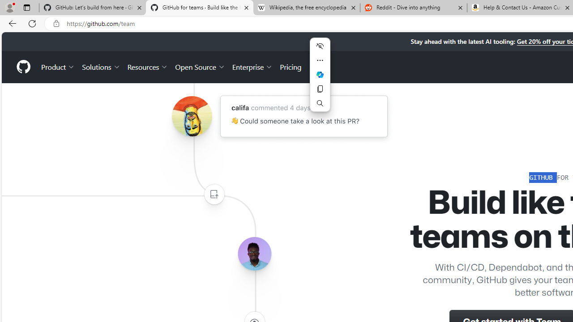 The height and width of the screenshot is (322, 573). I want to click on 'Mini menu on text selection', so click(320, 74).